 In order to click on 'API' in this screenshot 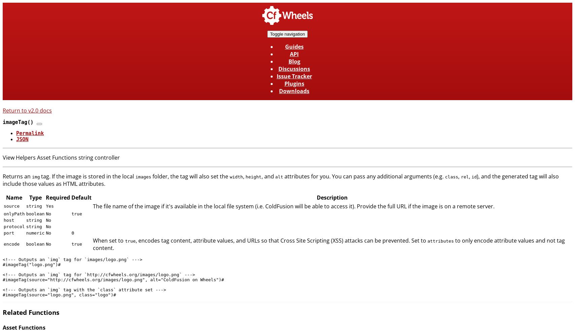, I will do `click(290, 54)`.